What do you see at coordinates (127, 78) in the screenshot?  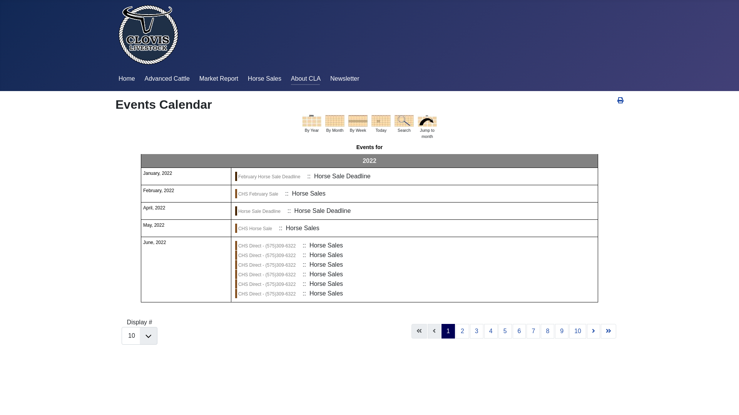 I see `'Home'` at bounding box center [127, 78].